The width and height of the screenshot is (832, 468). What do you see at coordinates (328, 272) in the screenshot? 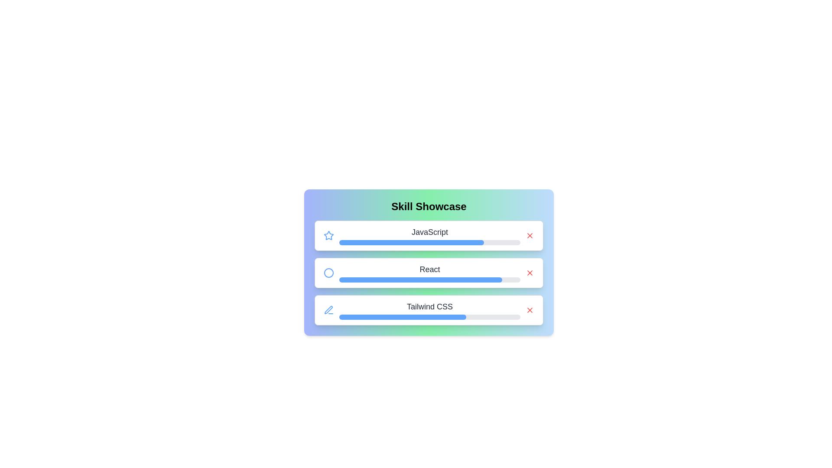
I see `the icon next to the skill name React` at bounding box center [328, 272].